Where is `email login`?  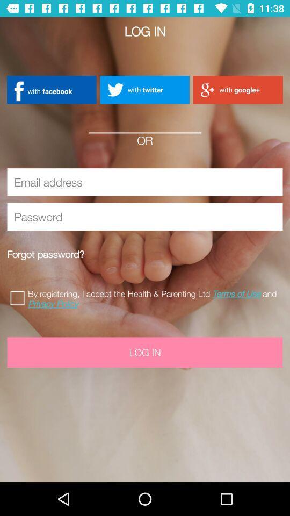 email login is located at coordinates (145, 182).